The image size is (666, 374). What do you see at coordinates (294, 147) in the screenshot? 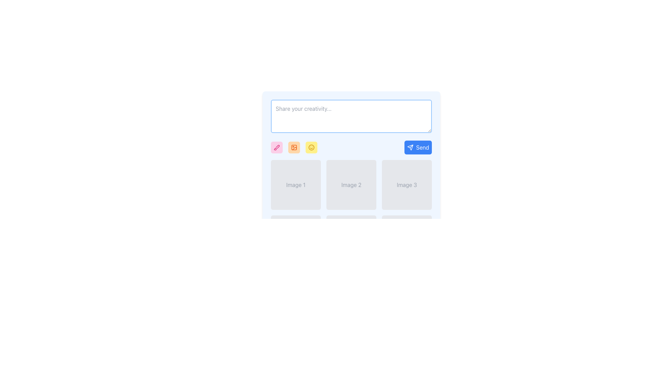
I see `the action button for adding or selecting an image, which is the second button in a row beneath the input box labeled 'Share your creativity...'` at bounding box center [294, 147].